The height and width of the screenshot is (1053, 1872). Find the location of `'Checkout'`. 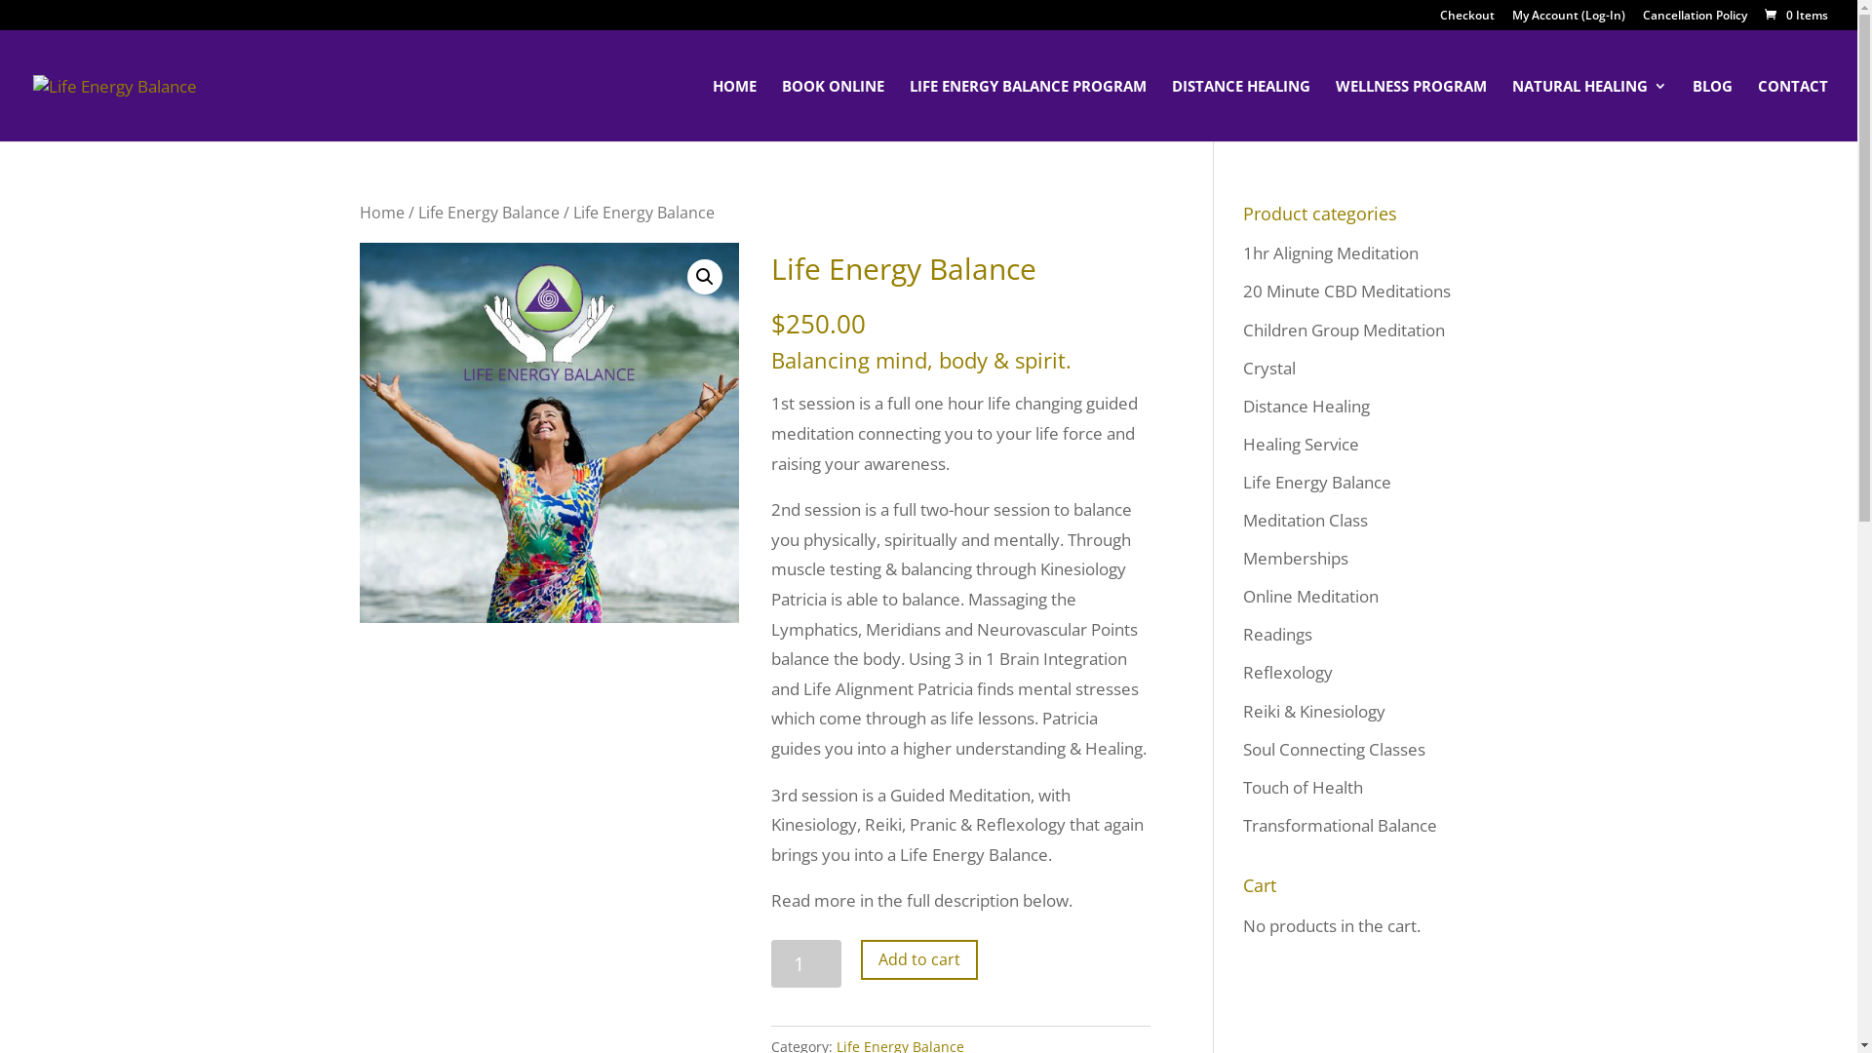

'Checkout' is located at coordinates (1467, 19).